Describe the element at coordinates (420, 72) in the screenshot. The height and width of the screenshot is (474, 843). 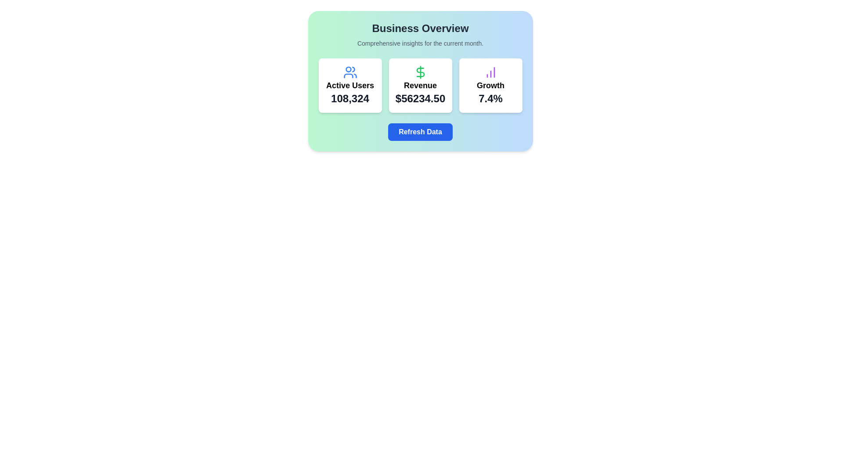
I see `the green dollar sign icon located in the top-center area of the 'Revenue' card, positioned above the numerical value '$56234.50'` at that location.